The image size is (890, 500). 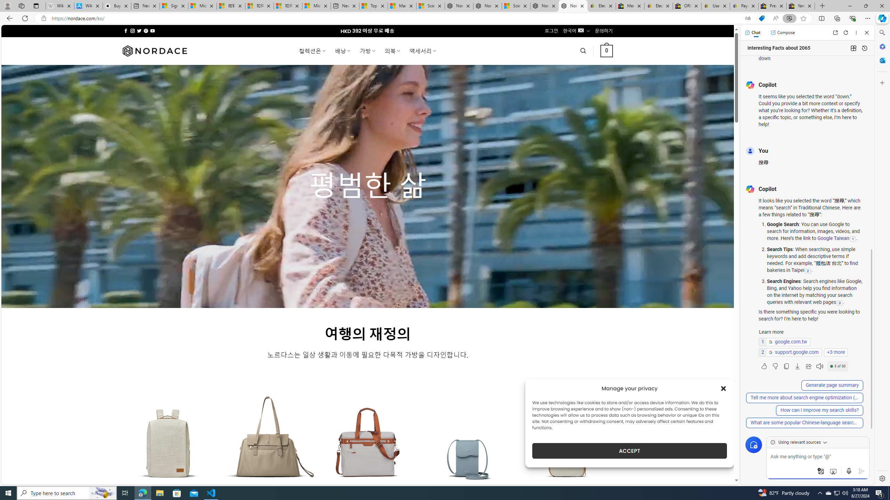 I want to click on 'Compose', so click(x=782, y=32).